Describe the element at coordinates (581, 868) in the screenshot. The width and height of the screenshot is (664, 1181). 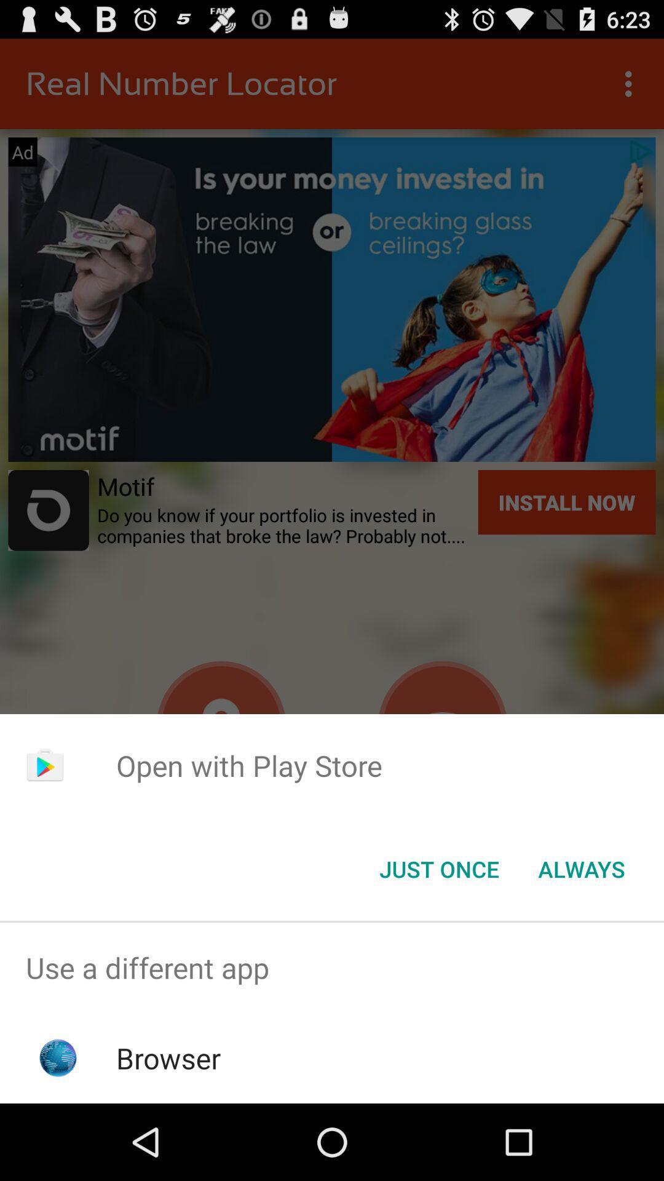
I see `item to the right of just once item` at that location.